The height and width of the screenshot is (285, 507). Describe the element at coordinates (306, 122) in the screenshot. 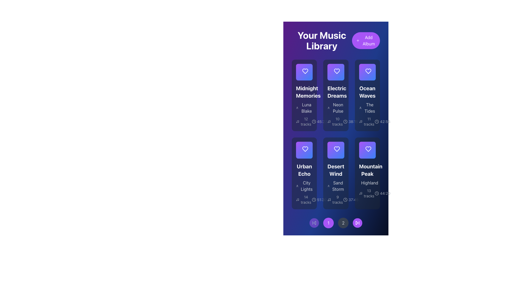

I see `text from the label indicating the number of songs or tracks present in the 'Midnight Memories' album card, located in the bottom-left part of the album card, below the title and artist name` at that location.